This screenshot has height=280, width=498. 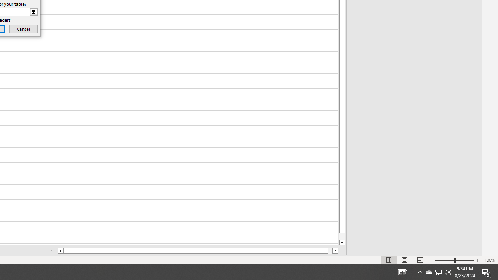 What do you see at coordinates (419, 260) in the screenshot?
I see `'Page Break Preview'` at bounding box center [419, 260].